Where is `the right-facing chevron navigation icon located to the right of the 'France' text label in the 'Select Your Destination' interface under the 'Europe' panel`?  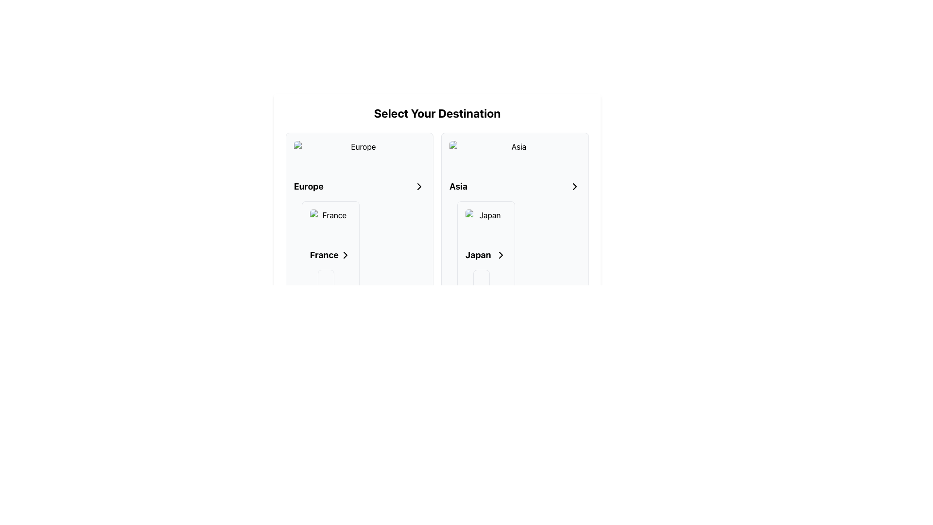 the right-facing chevron navigation icon located to the right of the 'France' text label in the 'Select Your Destination' interface under the 'Europe' panel is located at coordinates (345, 254).